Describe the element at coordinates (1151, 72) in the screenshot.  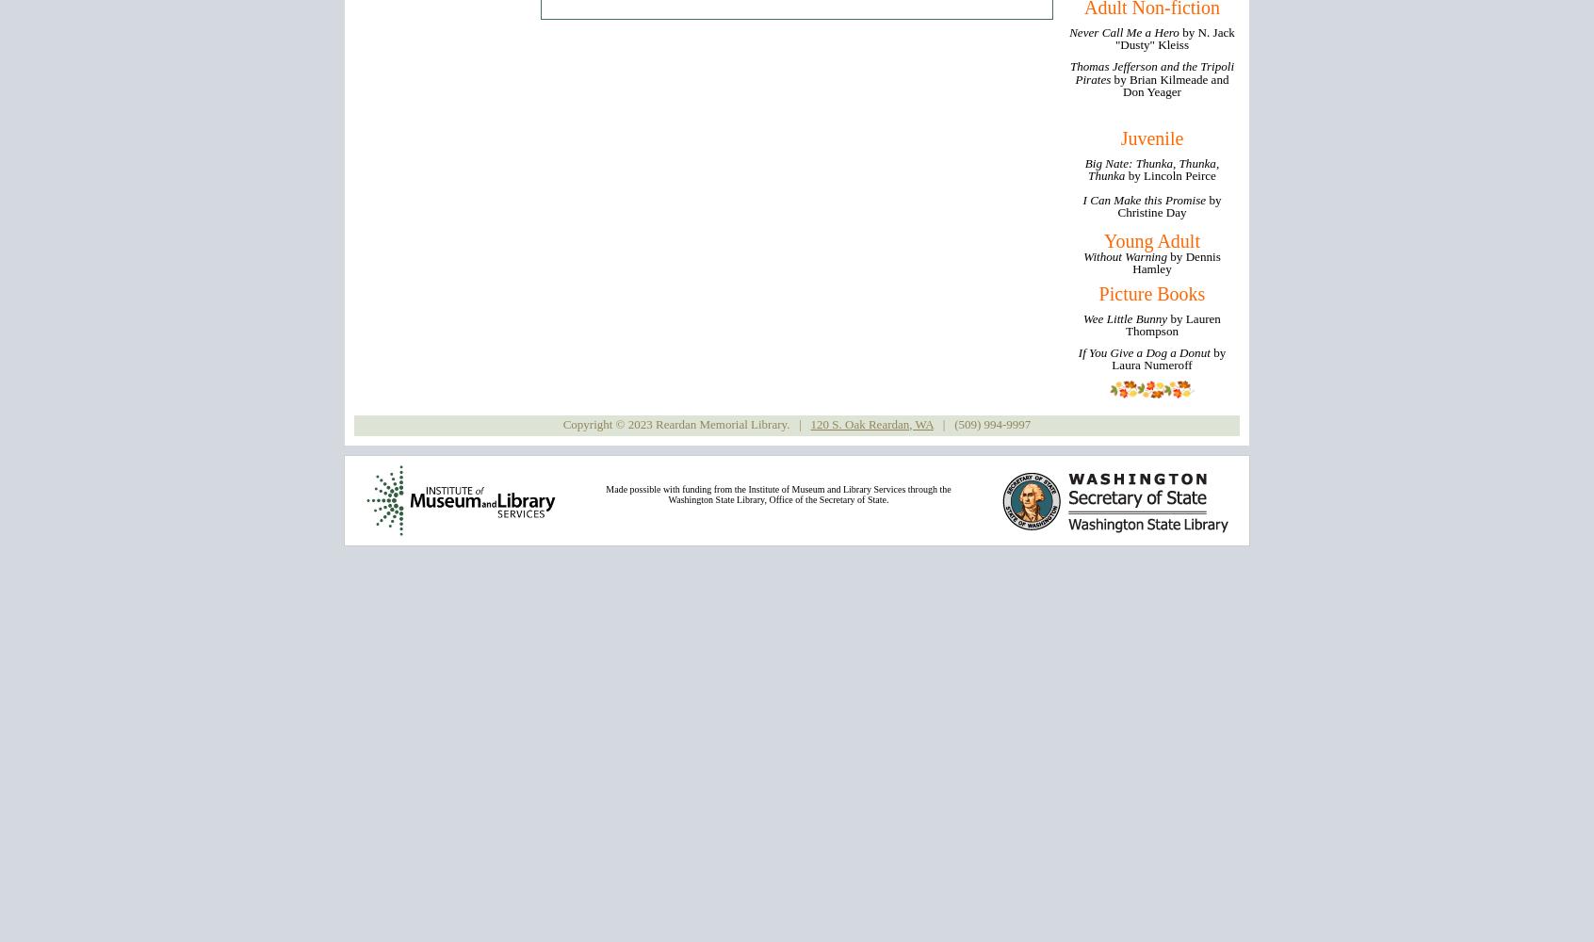
I see `'Thomas Jefferson and the Tripoli Pirates'` at that location.